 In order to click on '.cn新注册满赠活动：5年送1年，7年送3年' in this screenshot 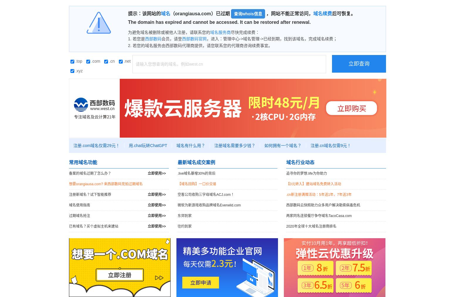, I will do `click(318, 194)`.